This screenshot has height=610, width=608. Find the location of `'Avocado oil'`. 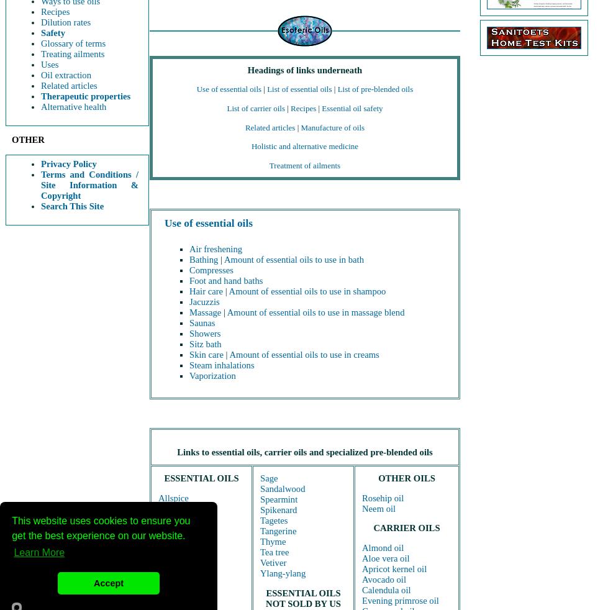

'Avocado oil' is located at coordinates (383, 579).